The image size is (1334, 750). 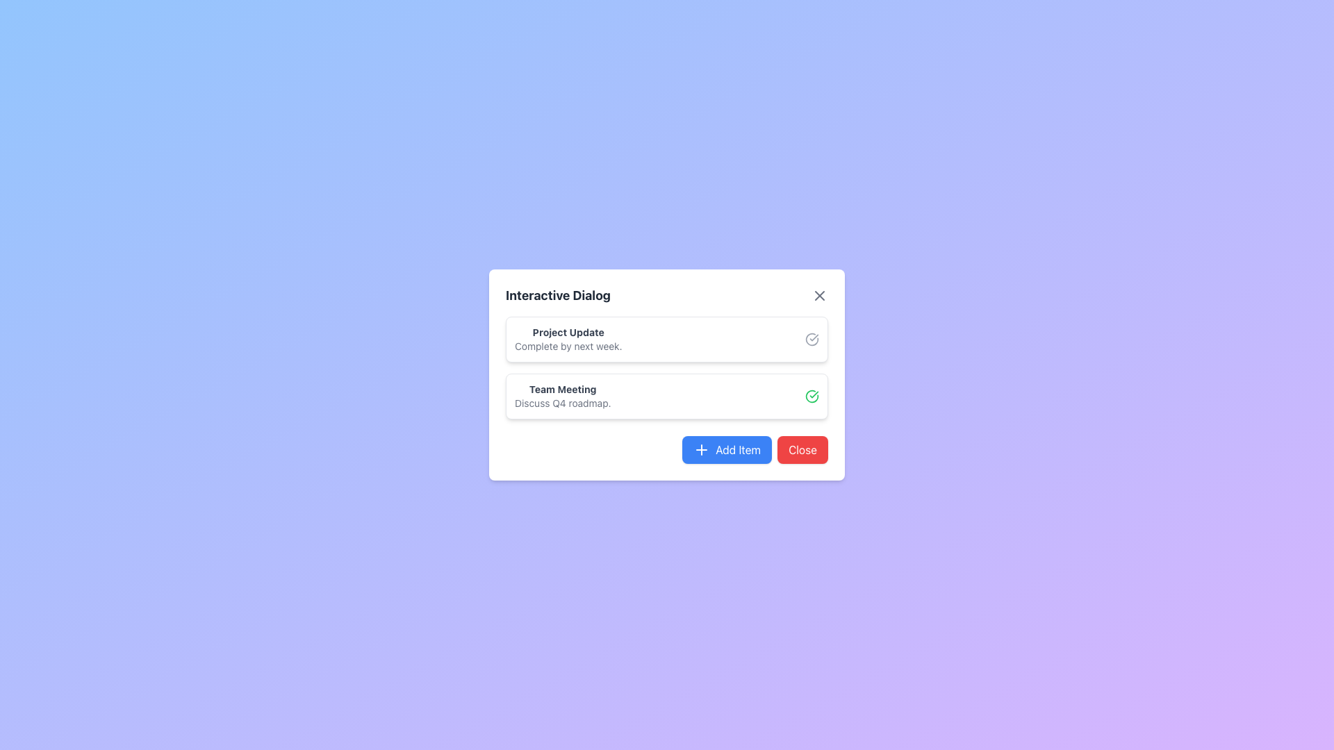 What do you see at coordinates (812, 396) in the screenshot?
I see `the SVG Icon (Completion Indicator) which is a circular icon with a green checkmark inside, located at the top-right corner of the 'Team Meeting' card in the dialog box` at bounding box center [812, 396].